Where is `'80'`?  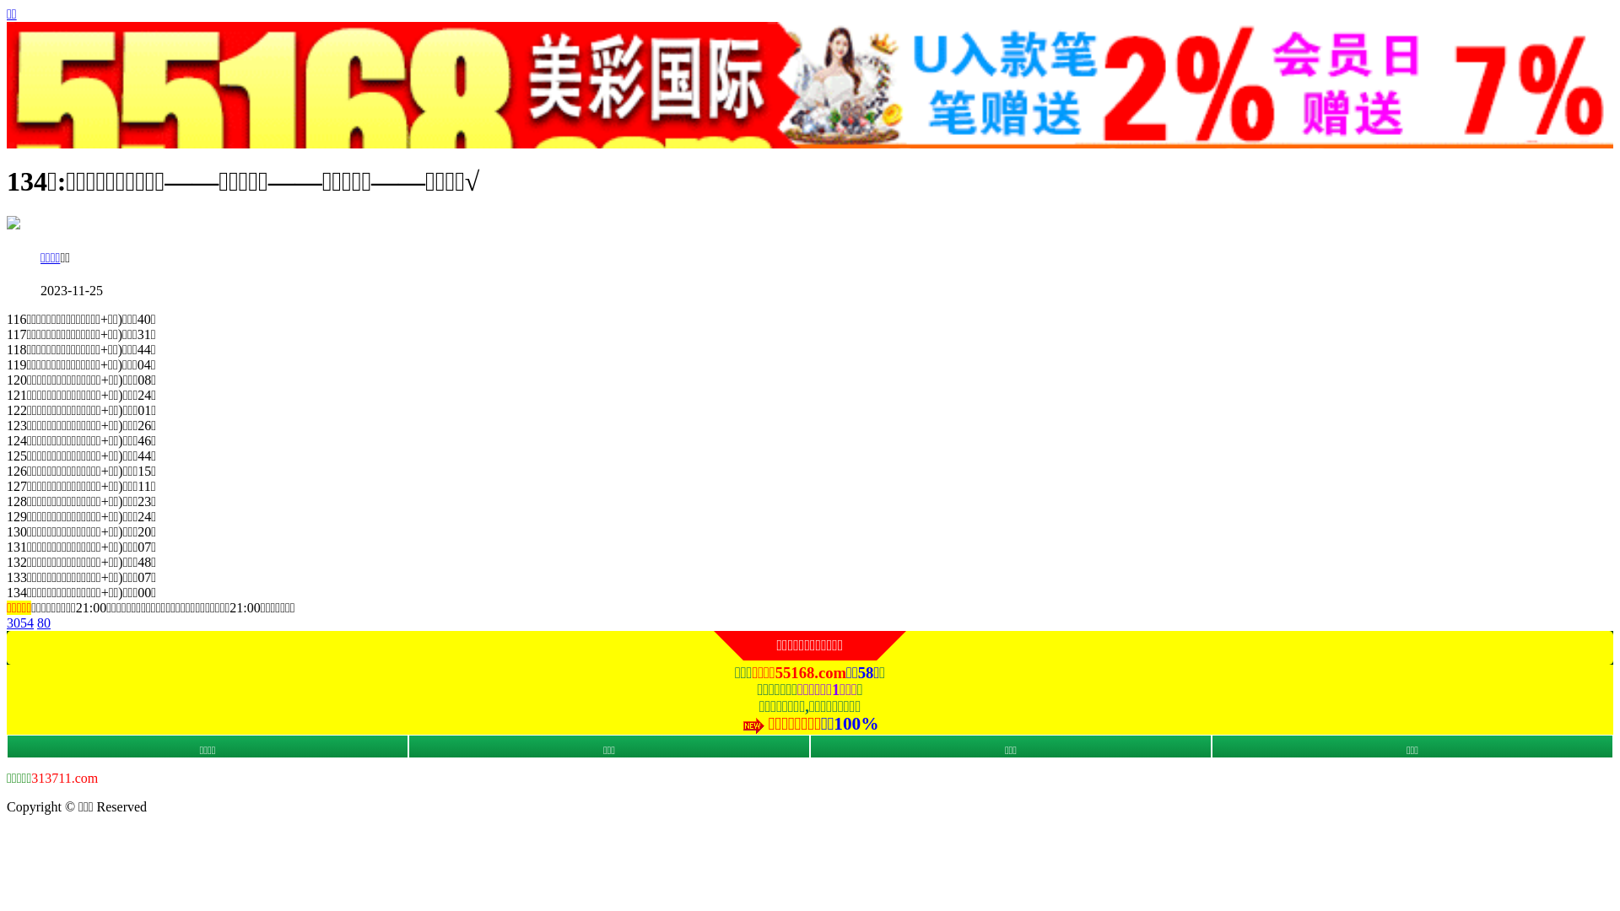 '80' is located at coordinates (44, 623).